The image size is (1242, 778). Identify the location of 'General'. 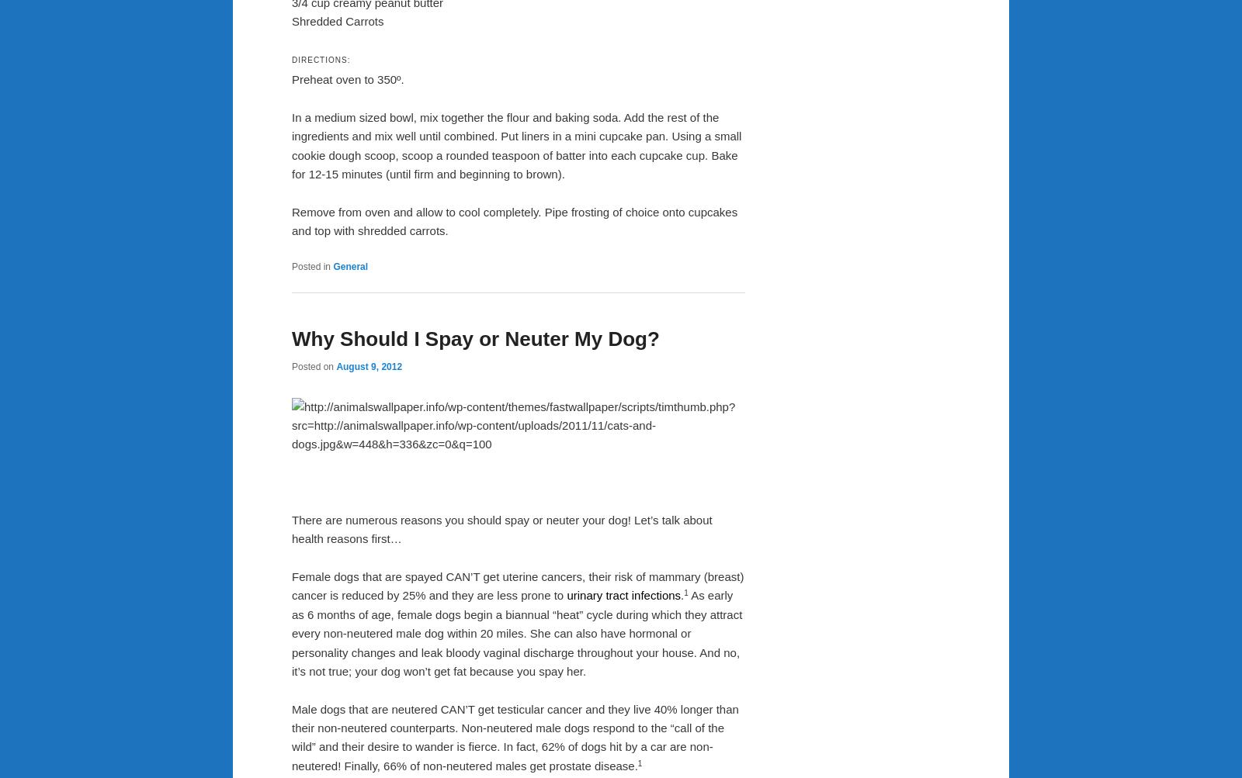
(331, 265).